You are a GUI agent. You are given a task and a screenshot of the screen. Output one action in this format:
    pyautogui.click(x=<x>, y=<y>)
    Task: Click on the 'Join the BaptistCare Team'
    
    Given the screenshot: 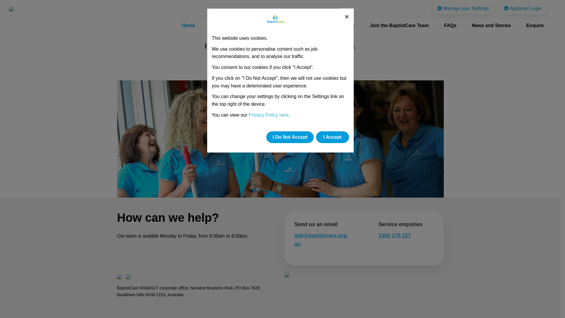 What is the action you would take?
    pyautogui.click(x=399, y=25)
    